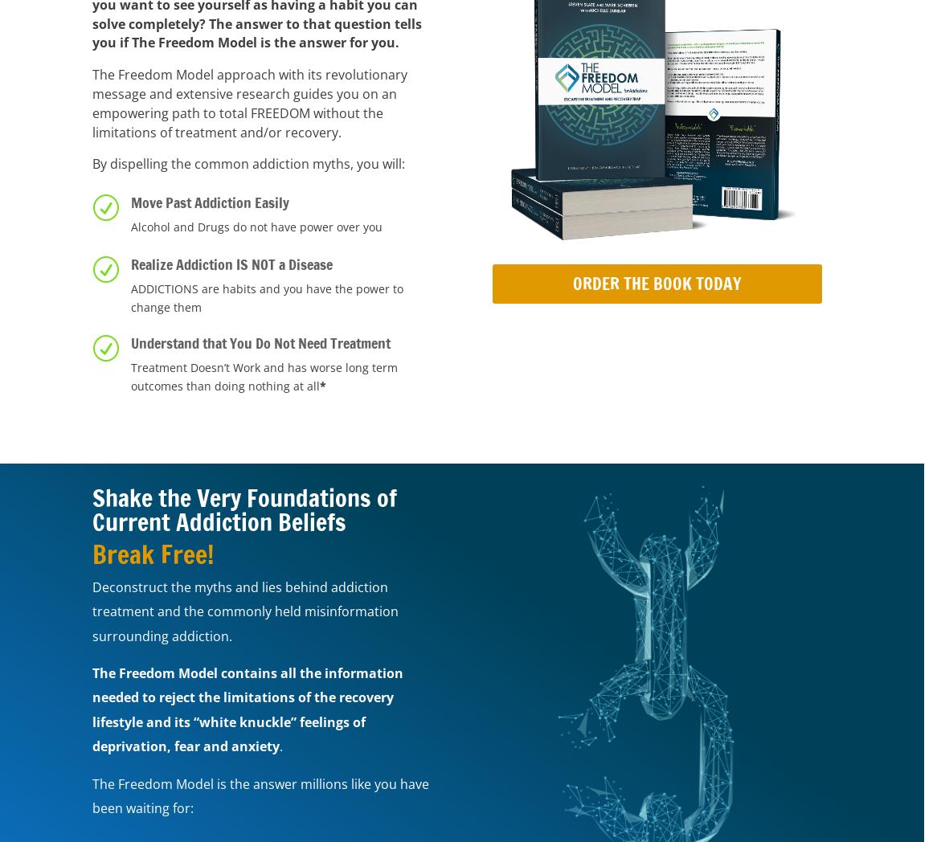 Image resolution: width=937 pixels, height=842 pixels. I want to click on 'ORDER THE BOOK TODAY', so click(657, 282).